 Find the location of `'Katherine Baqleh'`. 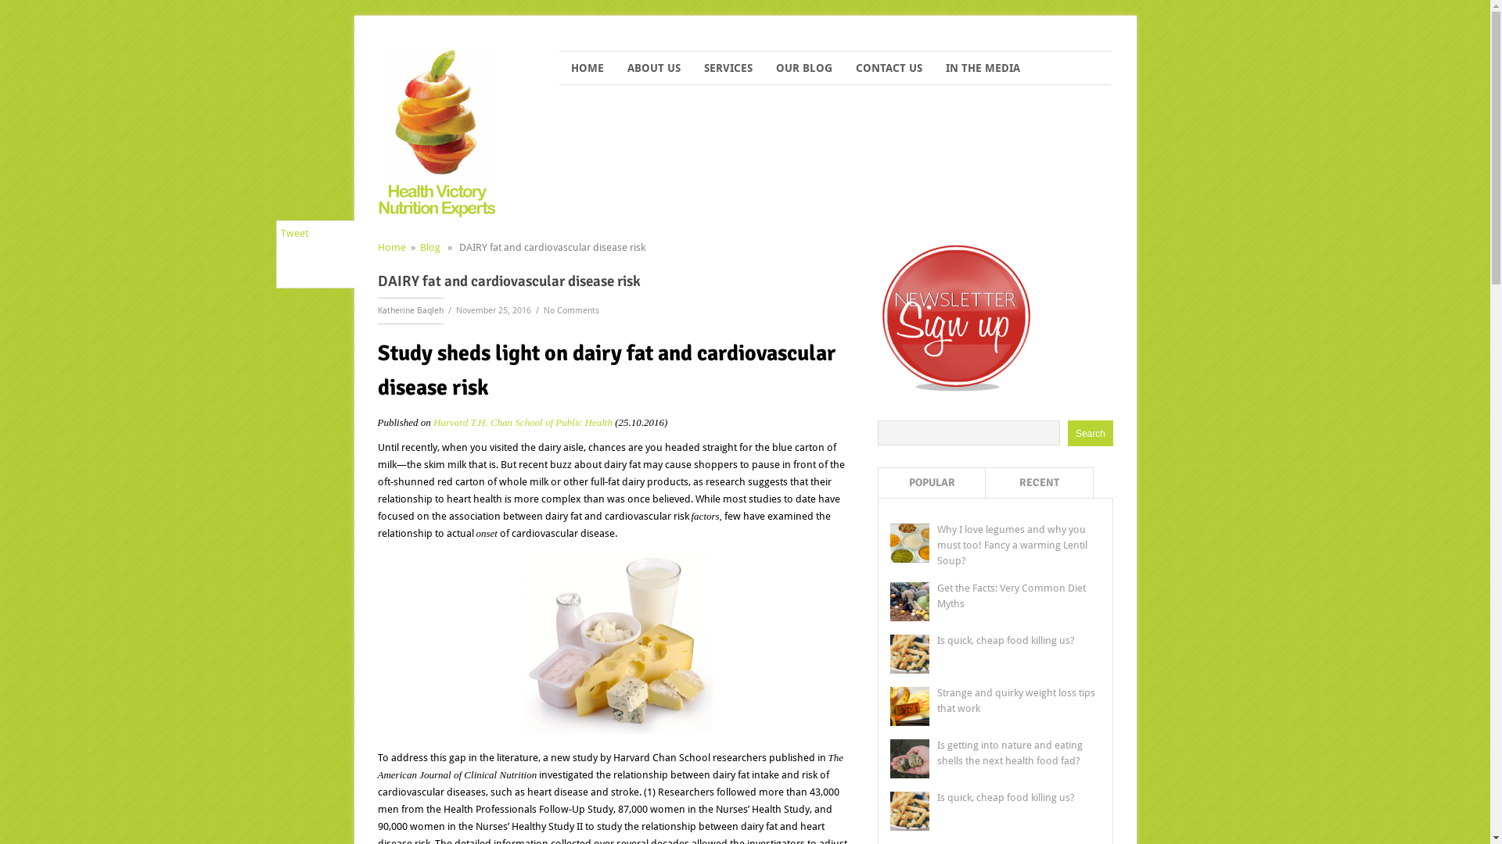

'Katherine Baqleh' is located at coordinates (409, 310).